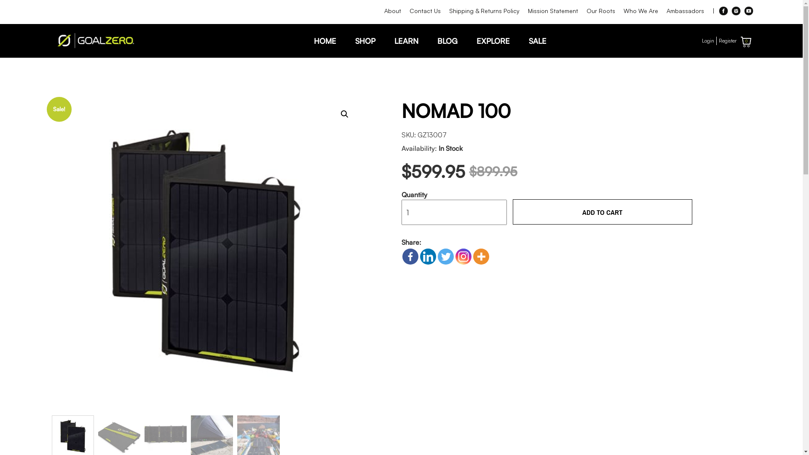 This screenshot has width=809, height=455. What do you see at coordinates (748, 11) in the screenshot?
I see `'You Tube'` at bounding box center [748, 11].